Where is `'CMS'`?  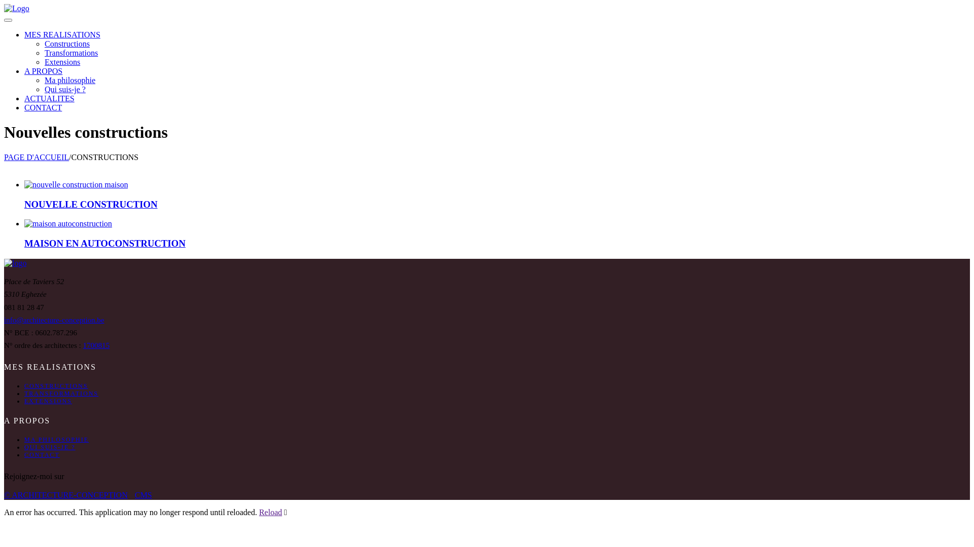 'CMS' is located at coordinates (143, 494).